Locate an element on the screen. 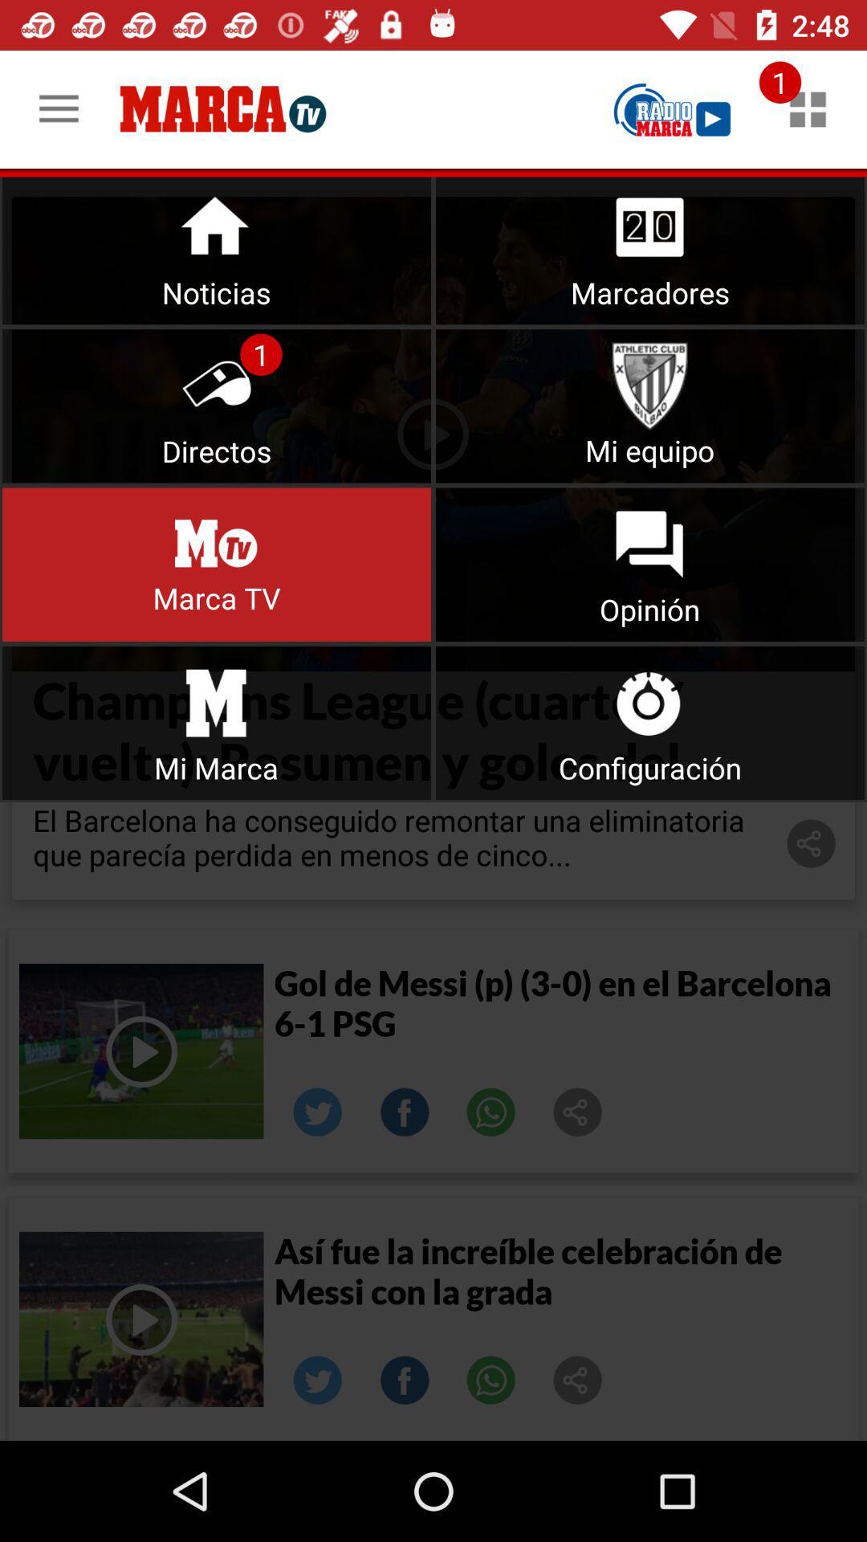 The height and width of the screenshot is (1542, 867). share the video is located at coordinates (578, 1379).